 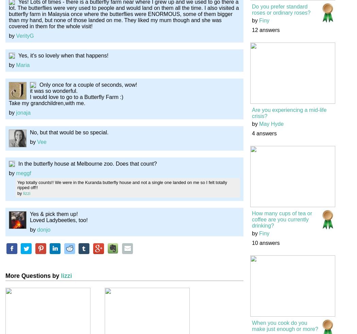 I want to click on 'VerityG', so click(x=16, y=35).